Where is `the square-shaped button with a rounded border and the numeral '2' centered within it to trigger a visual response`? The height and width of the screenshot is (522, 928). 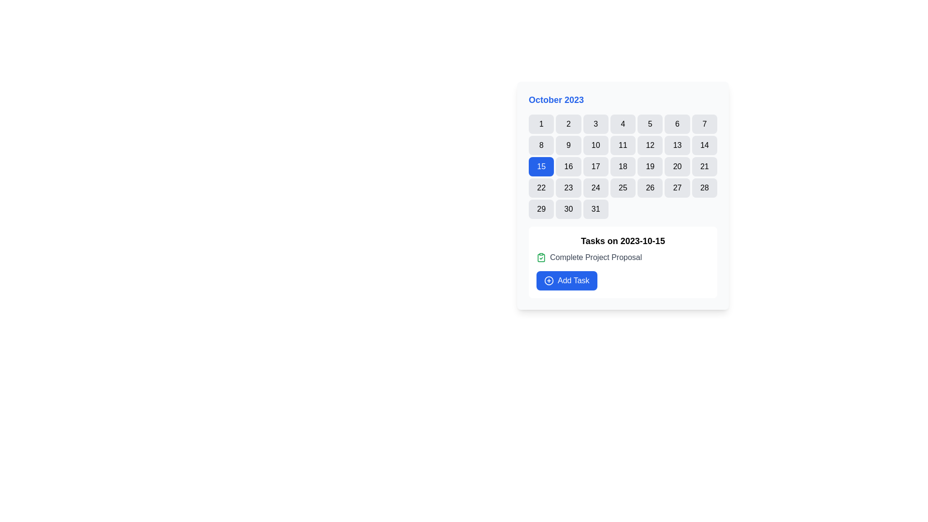 the square-shaped button with a rounded border and the numeral '2' centered within it to trigger a visual response is located at coordinates (568, 124).